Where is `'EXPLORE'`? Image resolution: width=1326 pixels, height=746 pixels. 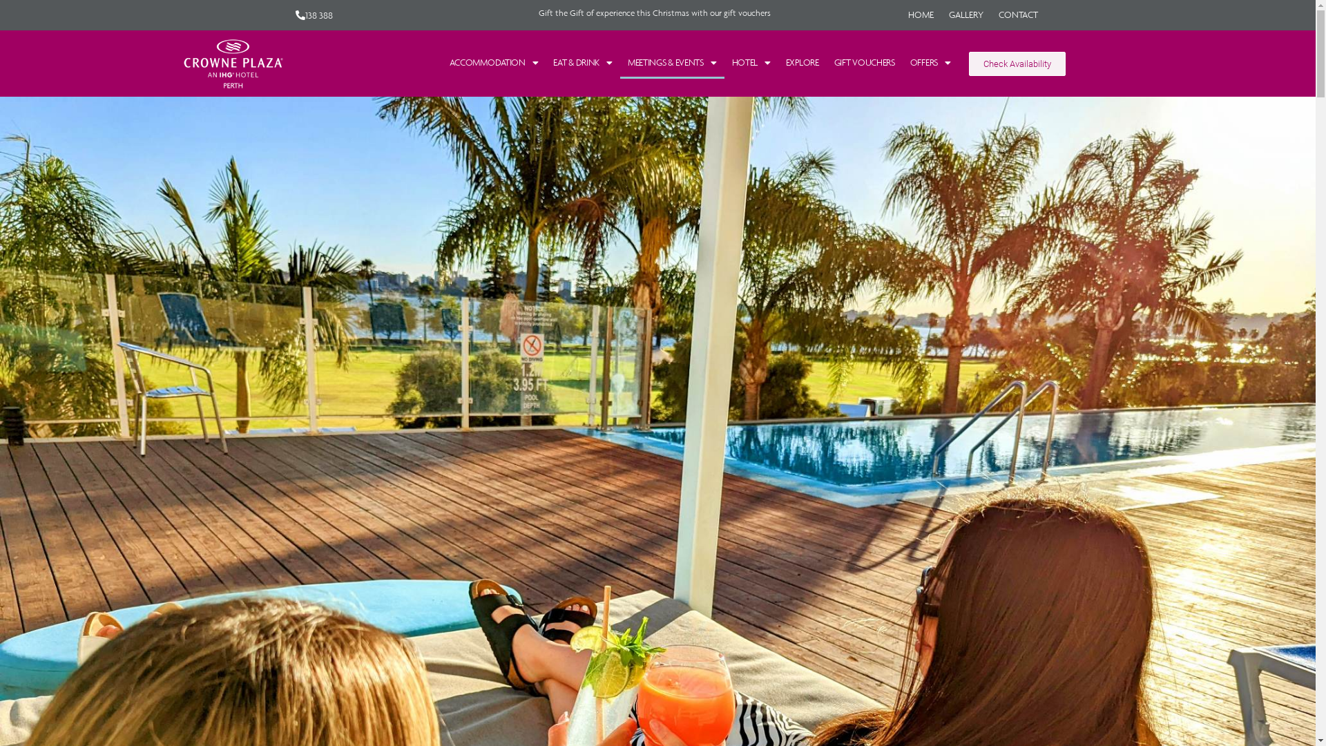
'EXPLORE' is located at coordinates (802, 63).